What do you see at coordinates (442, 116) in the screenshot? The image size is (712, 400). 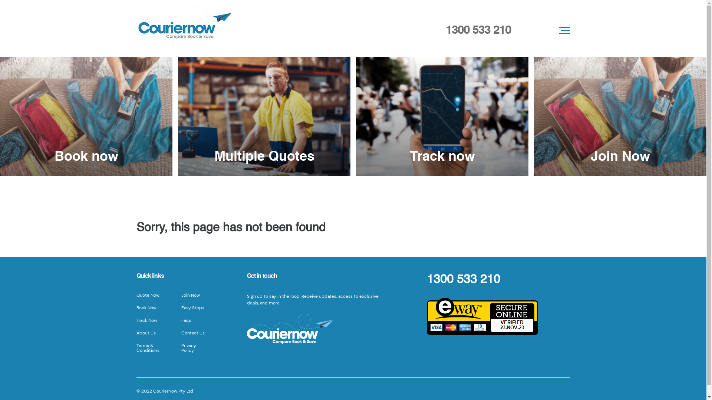 I see `'Track now'` at bounding box center [442, 116].